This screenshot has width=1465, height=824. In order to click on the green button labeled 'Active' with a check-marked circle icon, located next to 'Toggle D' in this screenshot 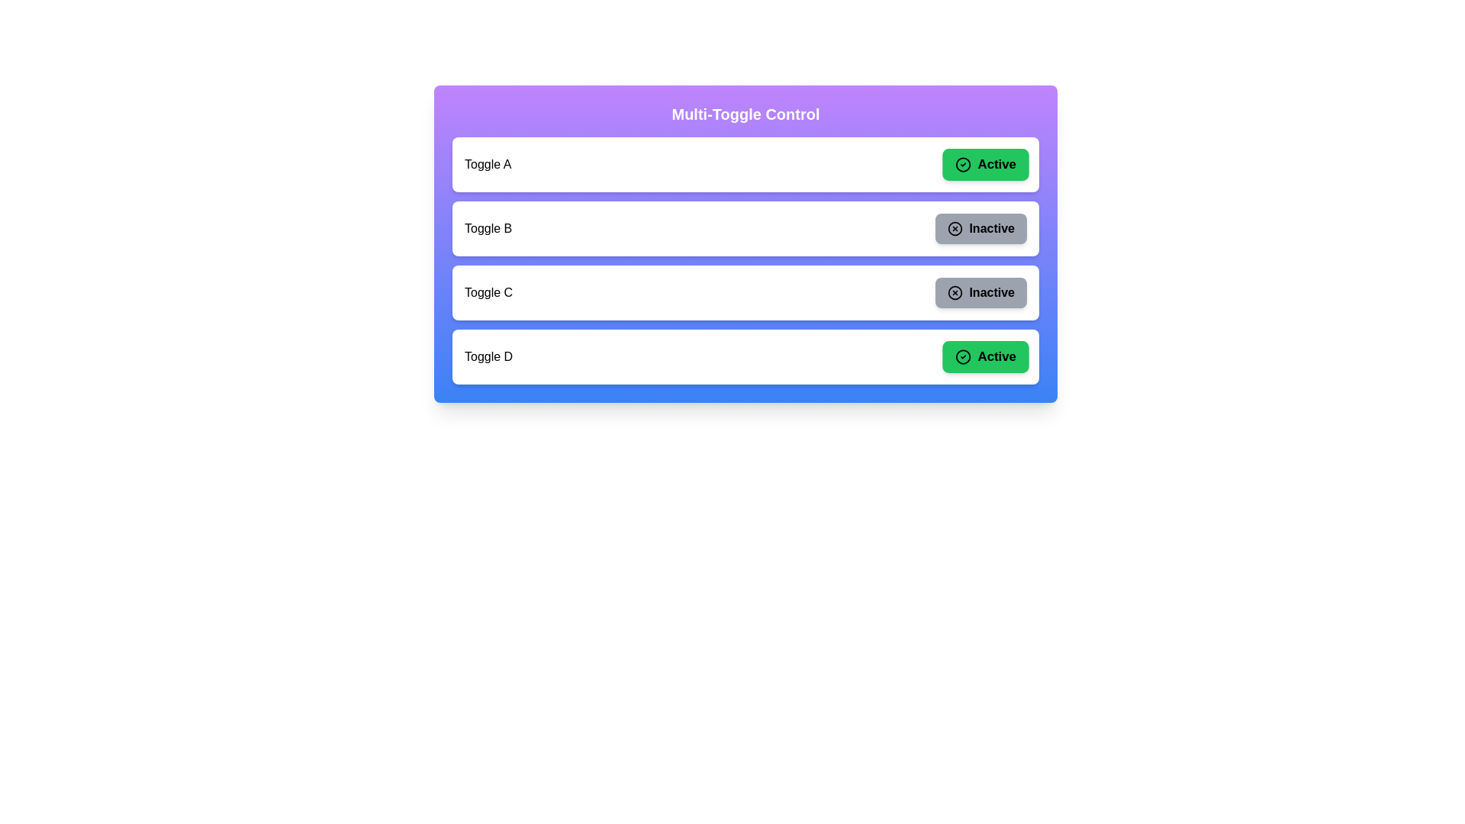, I will do `click(985, 356)`.